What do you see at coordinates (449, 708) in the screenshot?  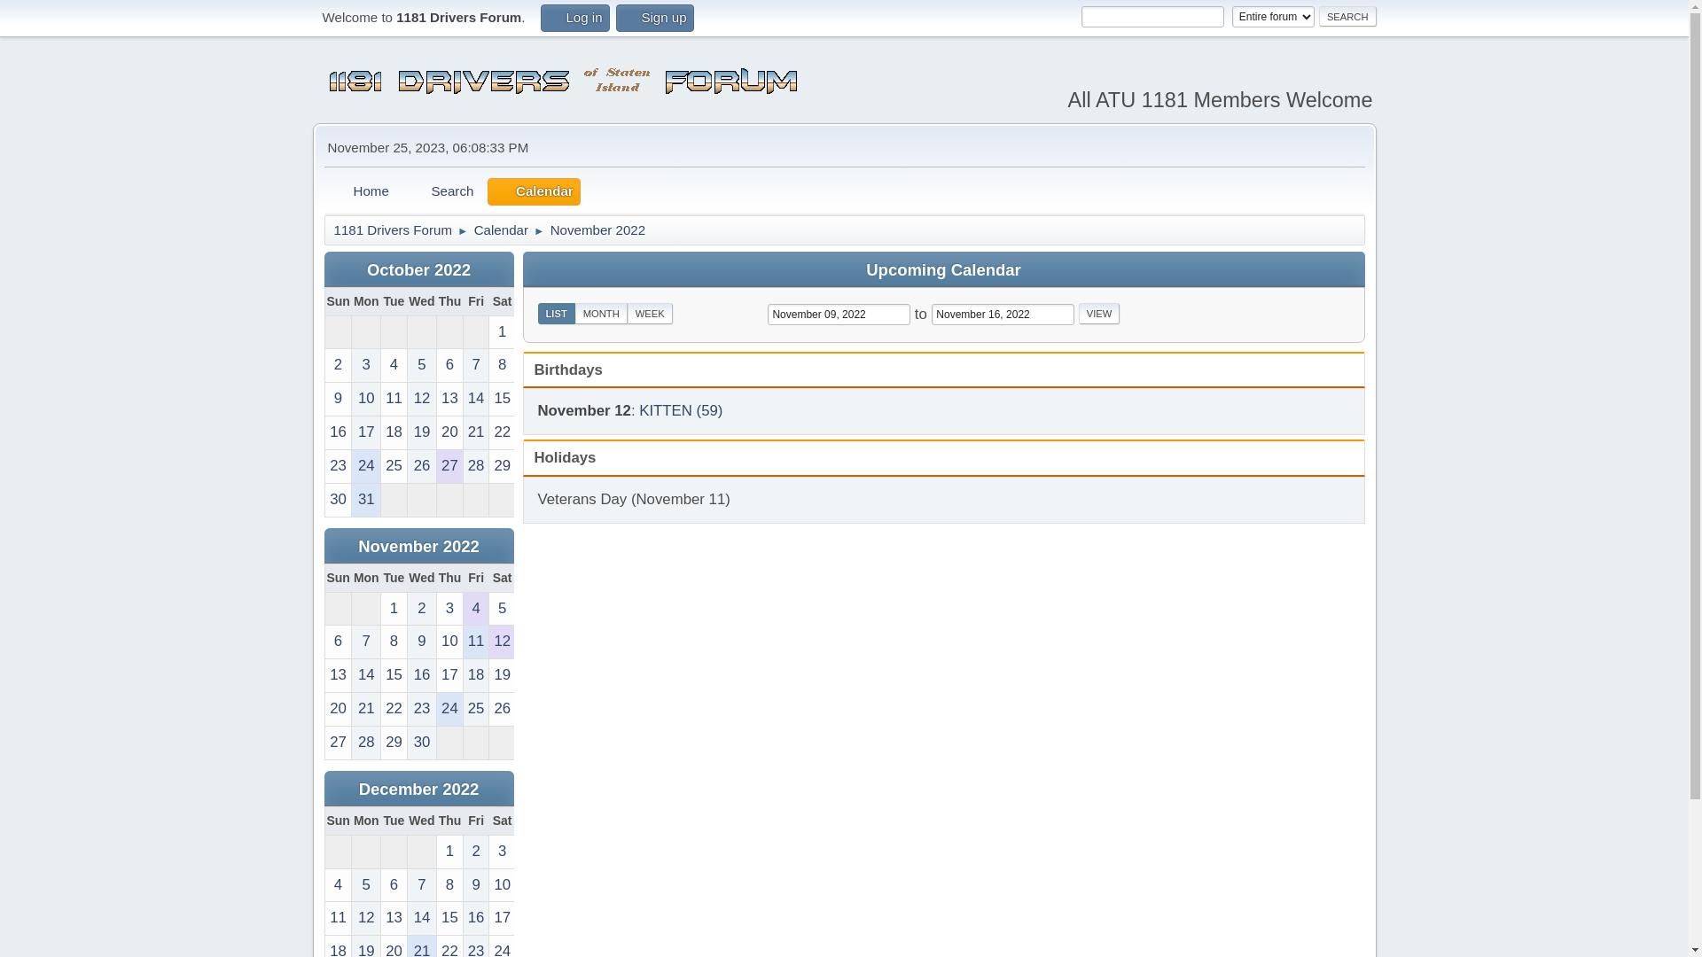 I see `'24'` at bounding box center [449, 708].